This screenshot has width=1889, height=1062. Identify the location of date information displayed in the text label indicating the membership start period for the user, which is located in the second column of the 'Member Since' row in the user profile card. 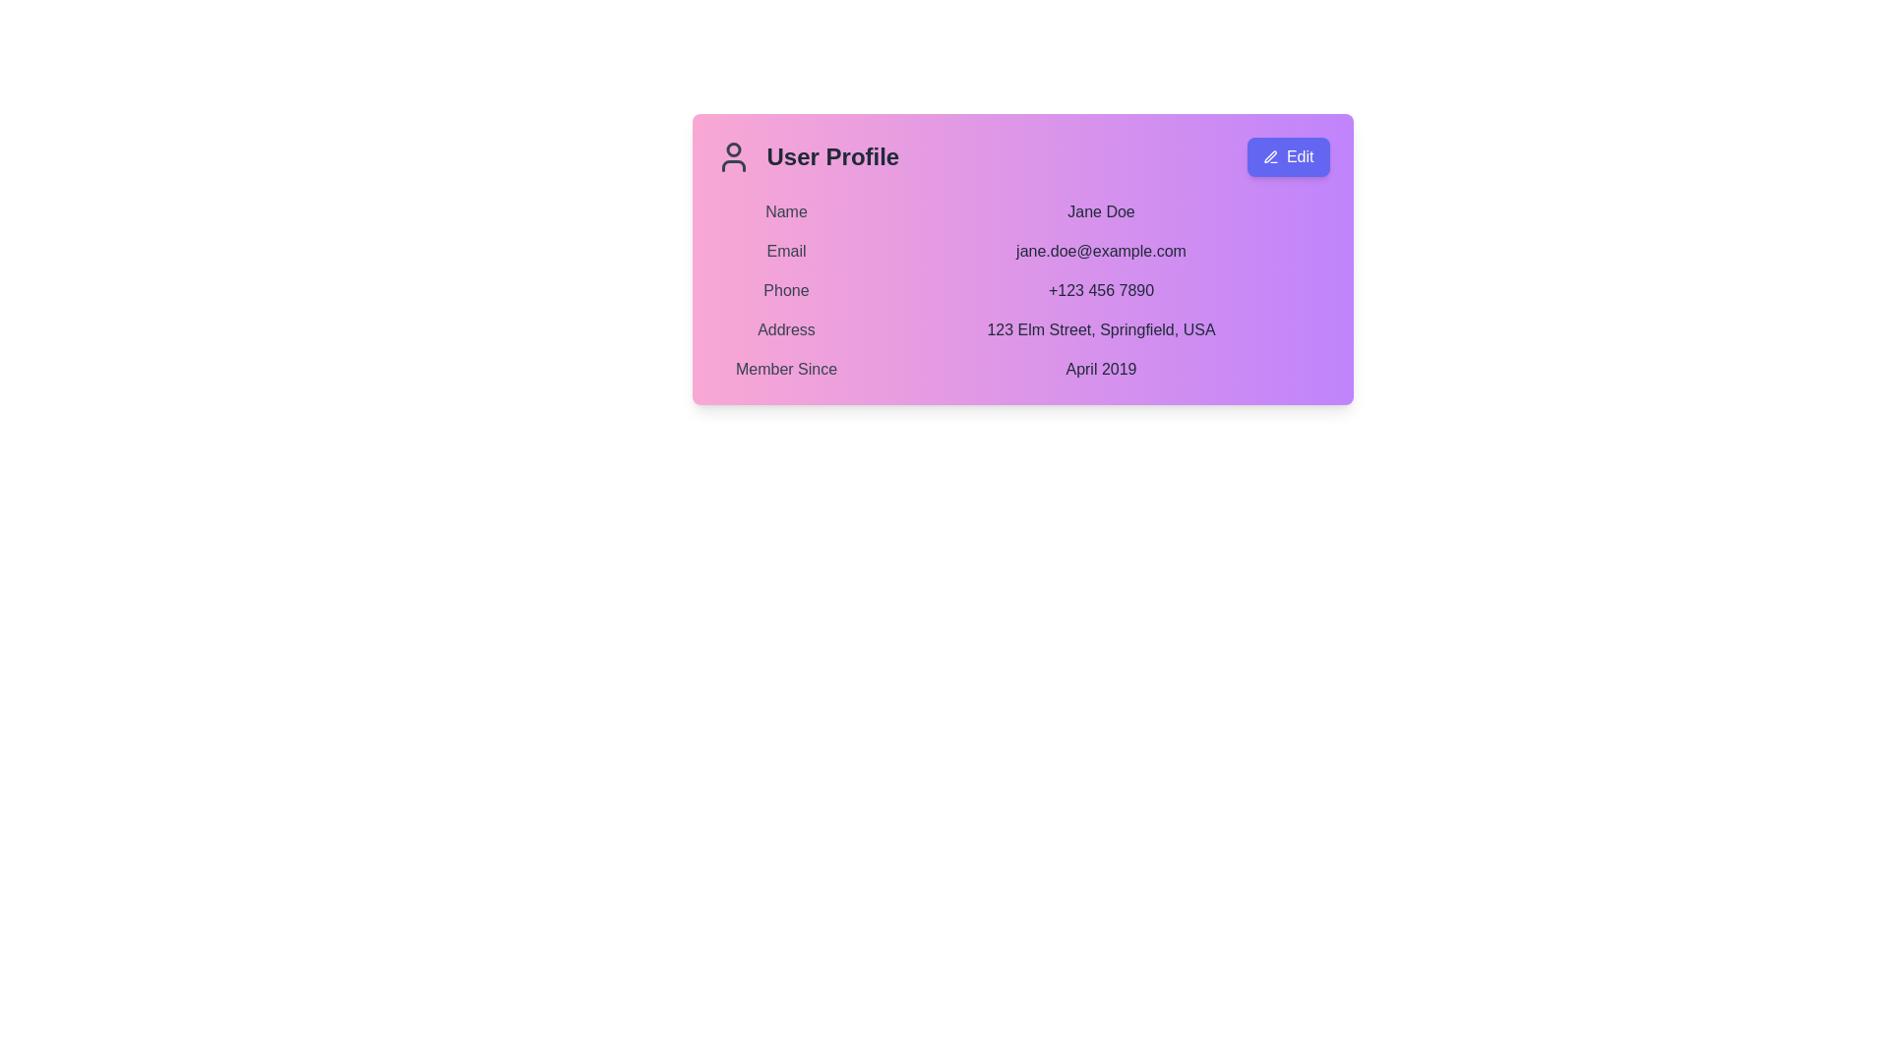
(1100, 369).